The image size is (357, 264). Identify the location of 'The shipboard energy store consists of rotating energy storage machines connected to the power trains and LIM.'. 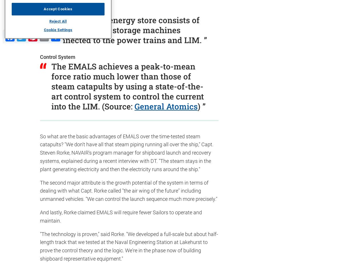
(126, 30).